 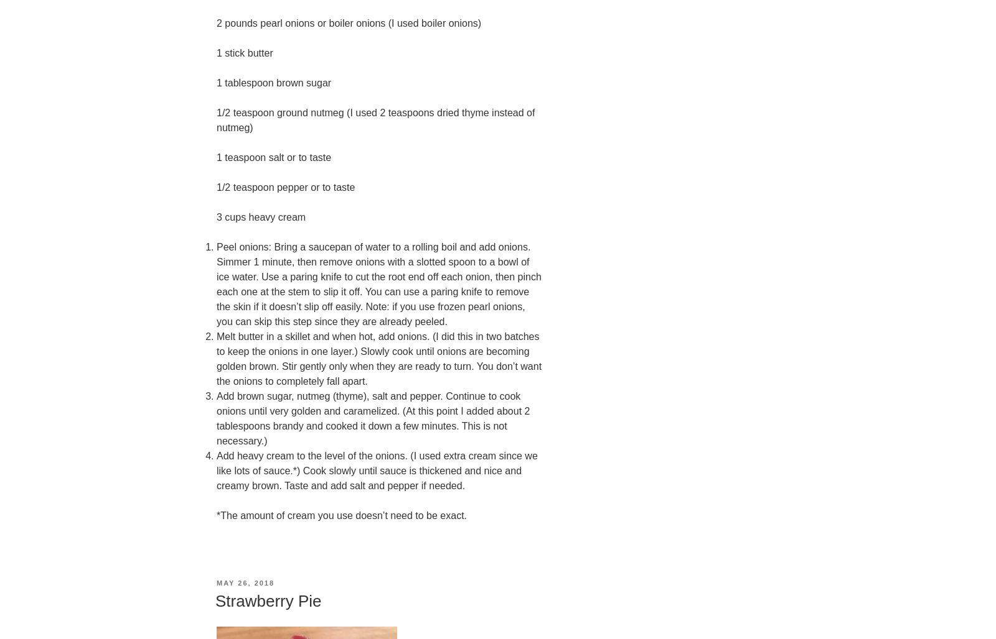 What do you see at coordinates (372, 418) in the screenshot?
I see `'Add brown sugar, nutmeg (thyme), salt and pepper. Continue to cook onions until very golden and caramelized. (At this point I added about 2 tablespoons brandy and cooked it down a few minutes. This is not necessary.)'` at bounding box center [372, 418].